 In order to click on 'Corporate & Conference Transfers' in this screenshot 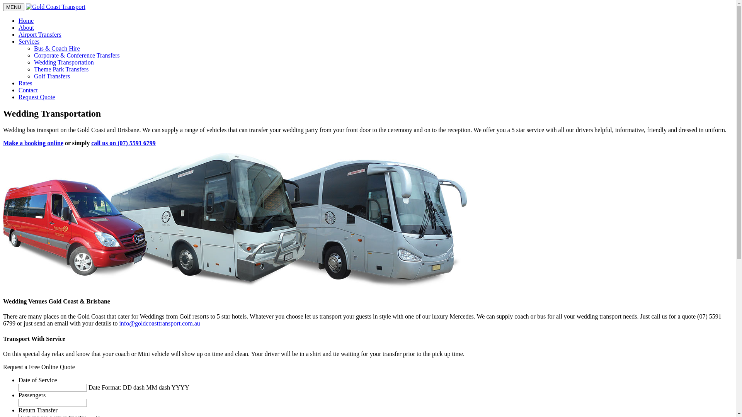, I will do `click(77, 55)`.